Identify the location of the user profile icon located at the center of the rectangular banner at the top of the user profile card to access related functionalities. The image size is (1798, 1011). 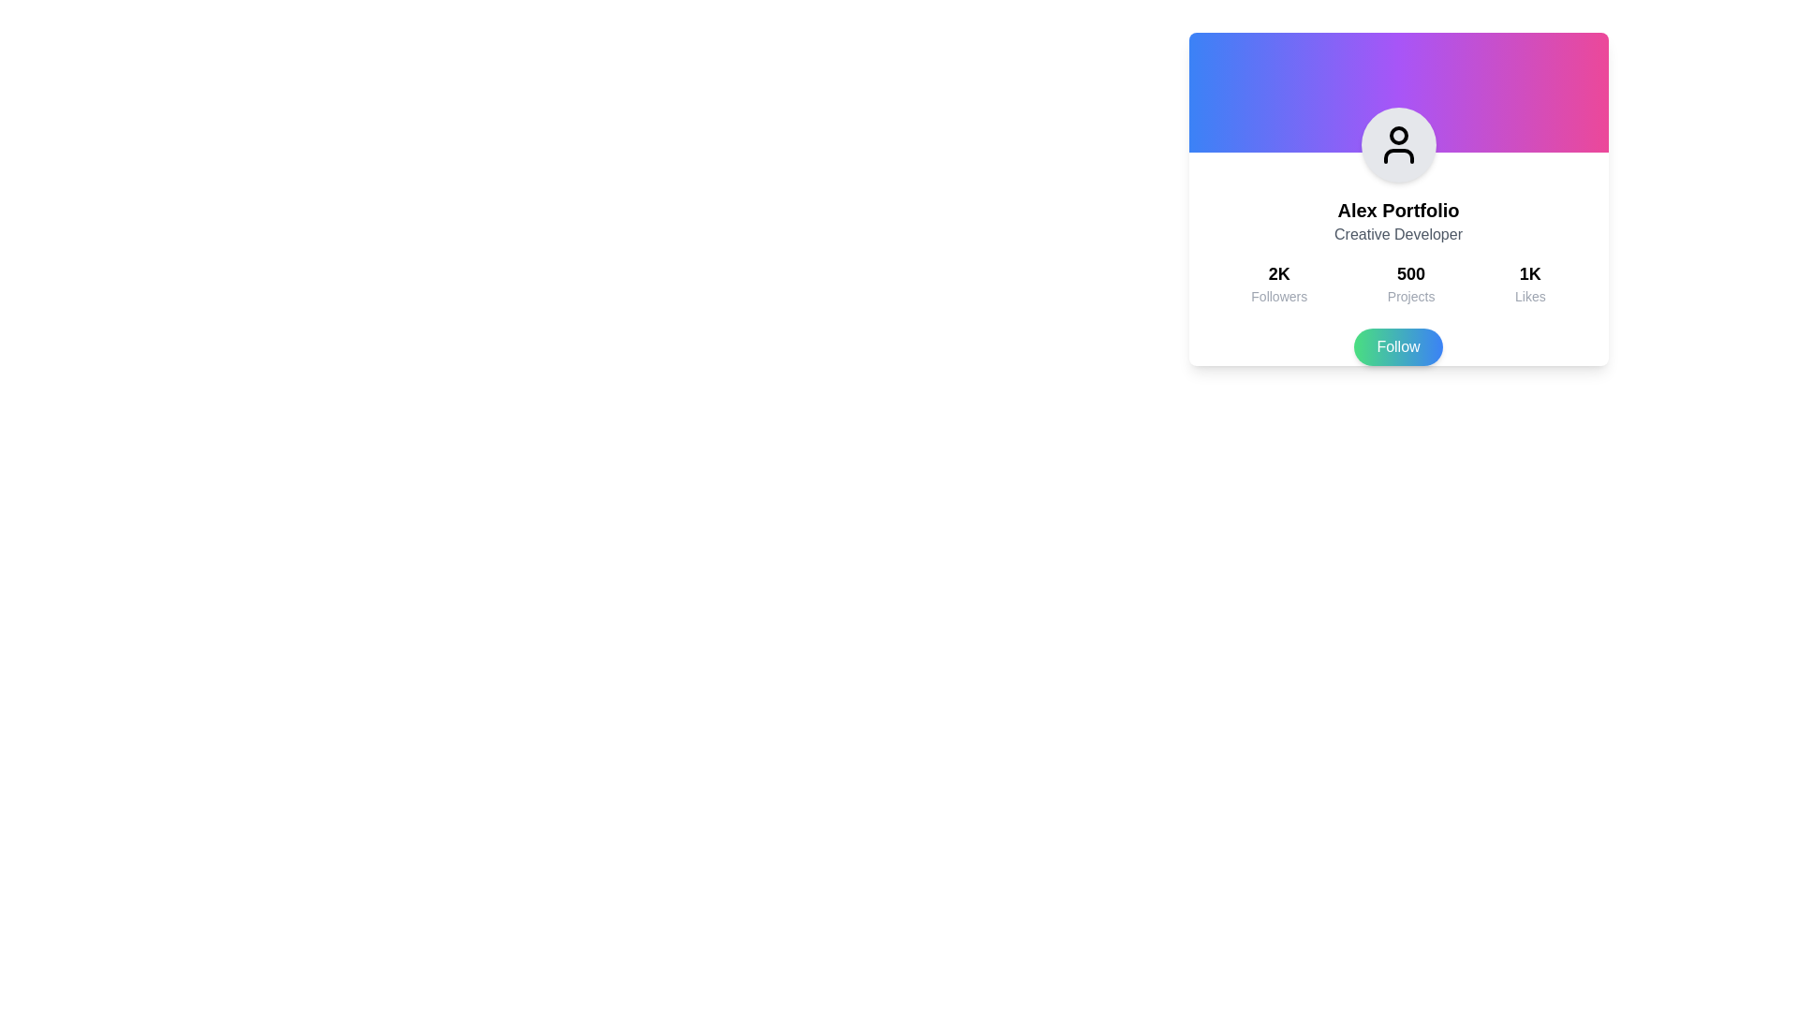
(1398, 143).